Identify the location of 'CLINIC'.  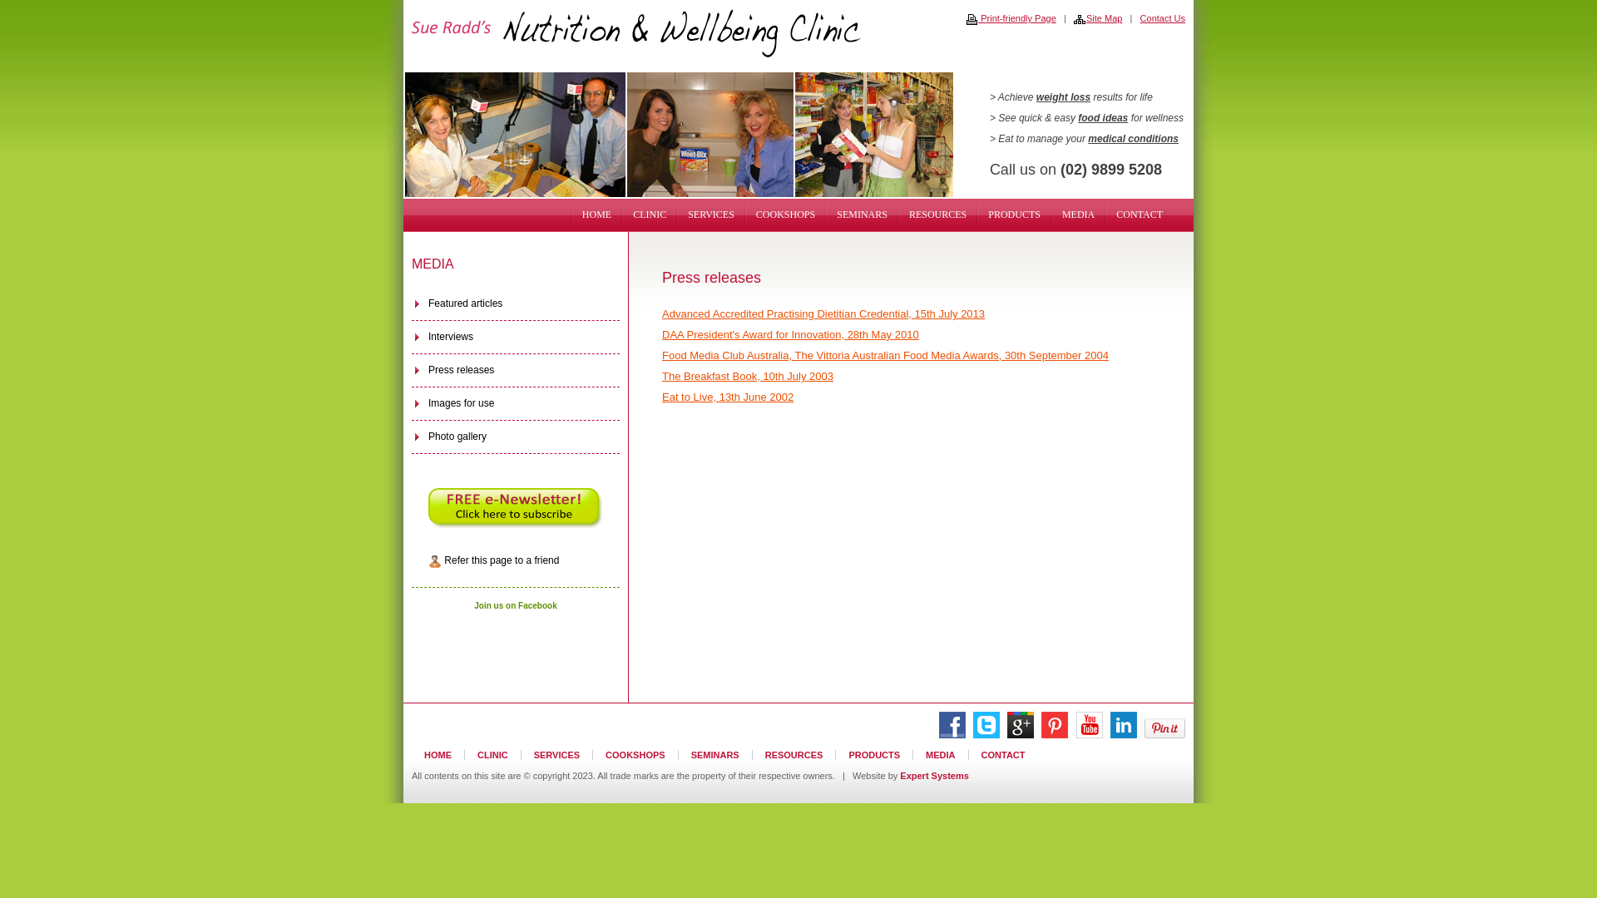
(492, 754).